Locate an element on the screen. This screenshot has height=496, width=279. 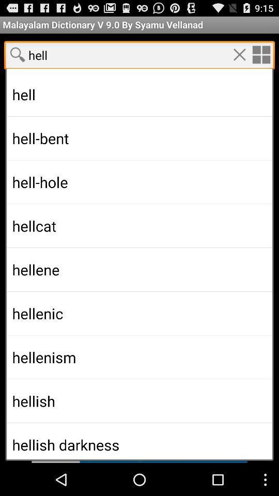
search results is located at coordinates (139, 253).